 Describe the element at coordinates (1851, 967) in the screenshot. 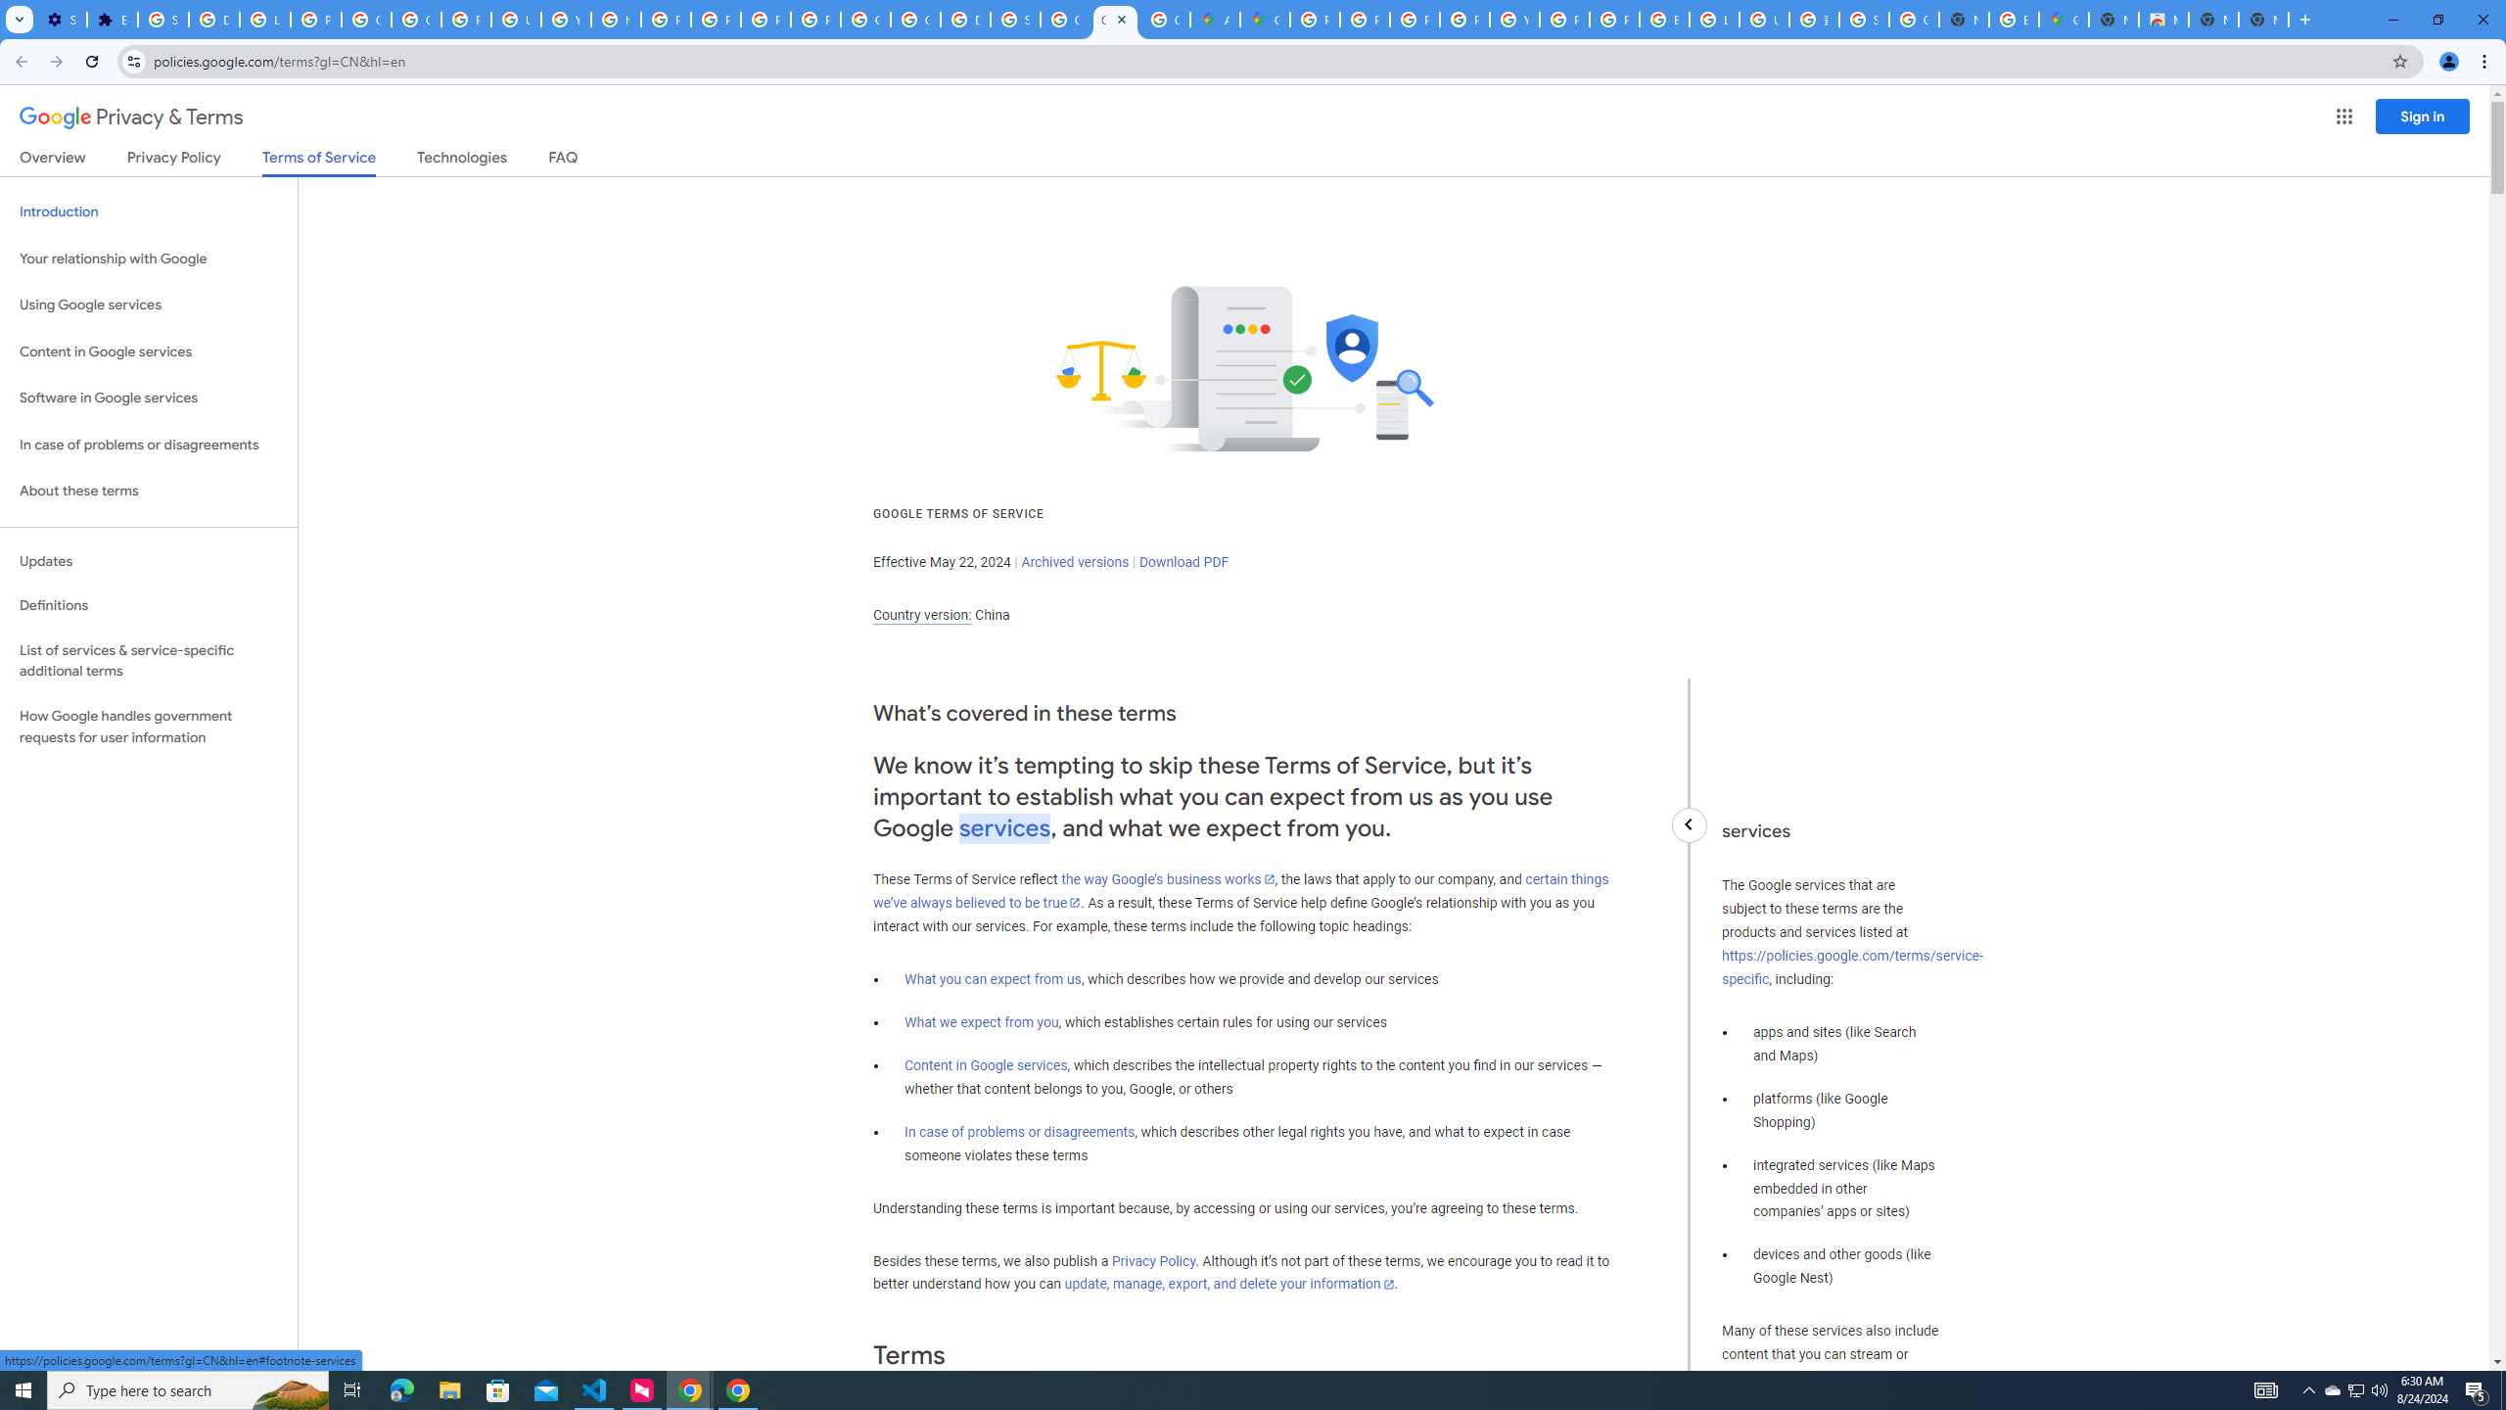

I see `'https://policies.google.com/terms/service-specific'` at that location.